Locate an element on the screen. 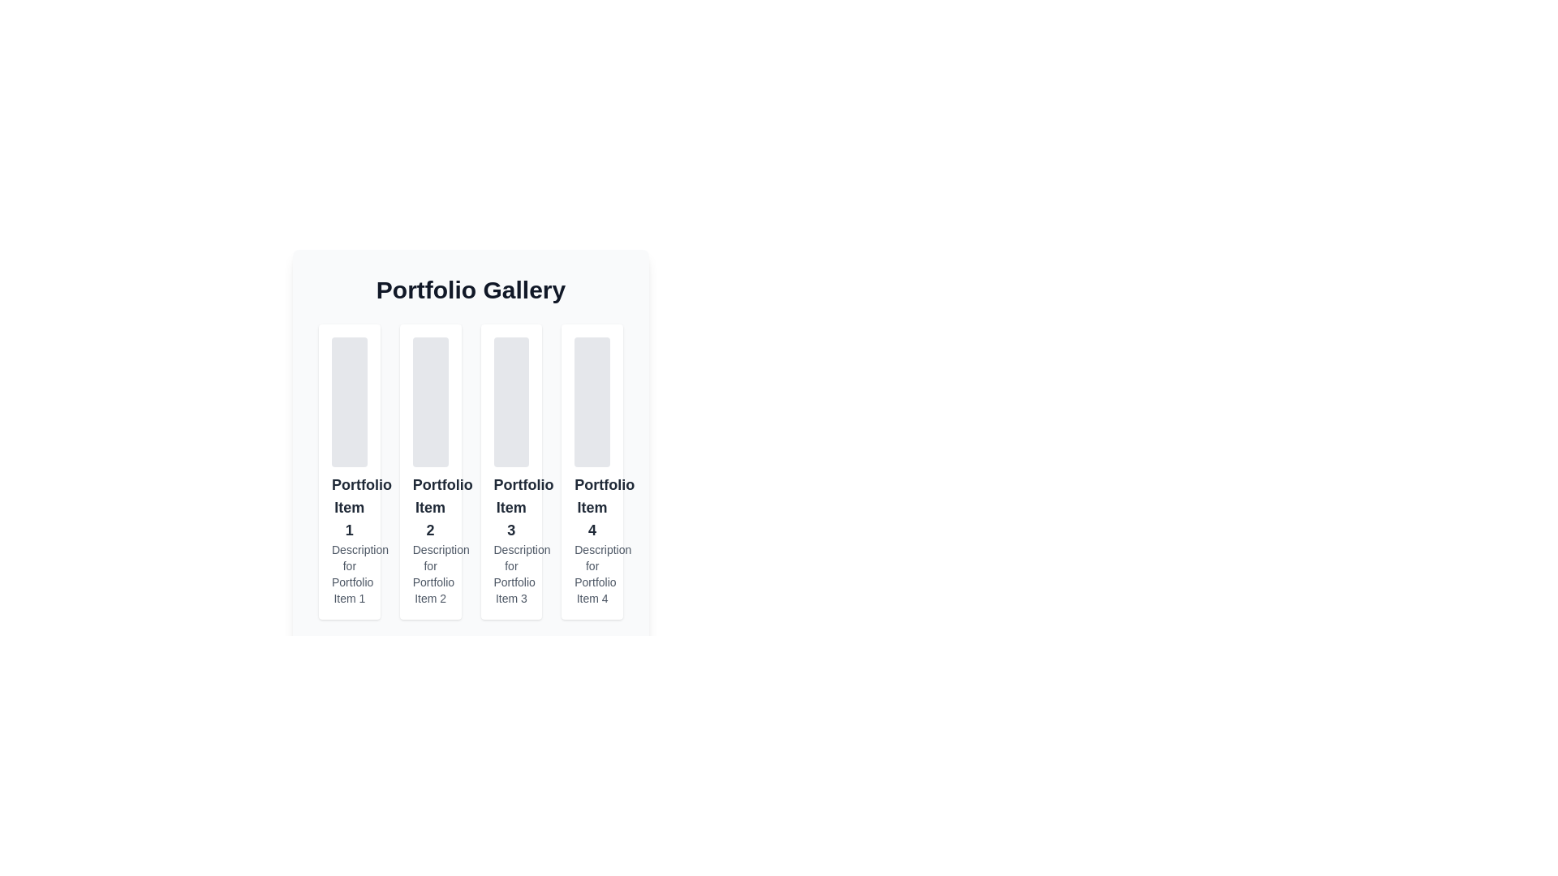 The height and width of the screenshot is (876, 1558). the third item in the first row of the grid layout that displays and organizes portfolio items within the gallery section is located at coordinates (470, 432).